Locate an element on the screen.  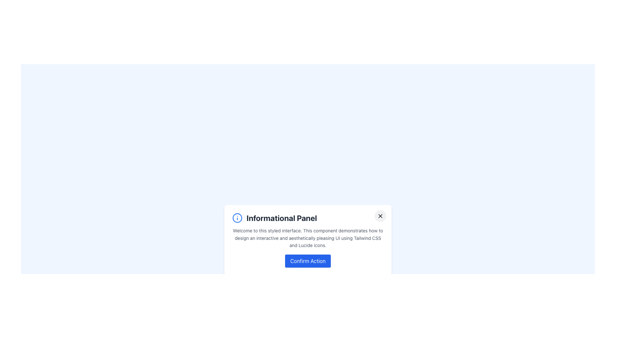
the circular outline with a blue border located in the top-left corner of the informational panel within the SVG graphic is located at coordinates (237, 217).